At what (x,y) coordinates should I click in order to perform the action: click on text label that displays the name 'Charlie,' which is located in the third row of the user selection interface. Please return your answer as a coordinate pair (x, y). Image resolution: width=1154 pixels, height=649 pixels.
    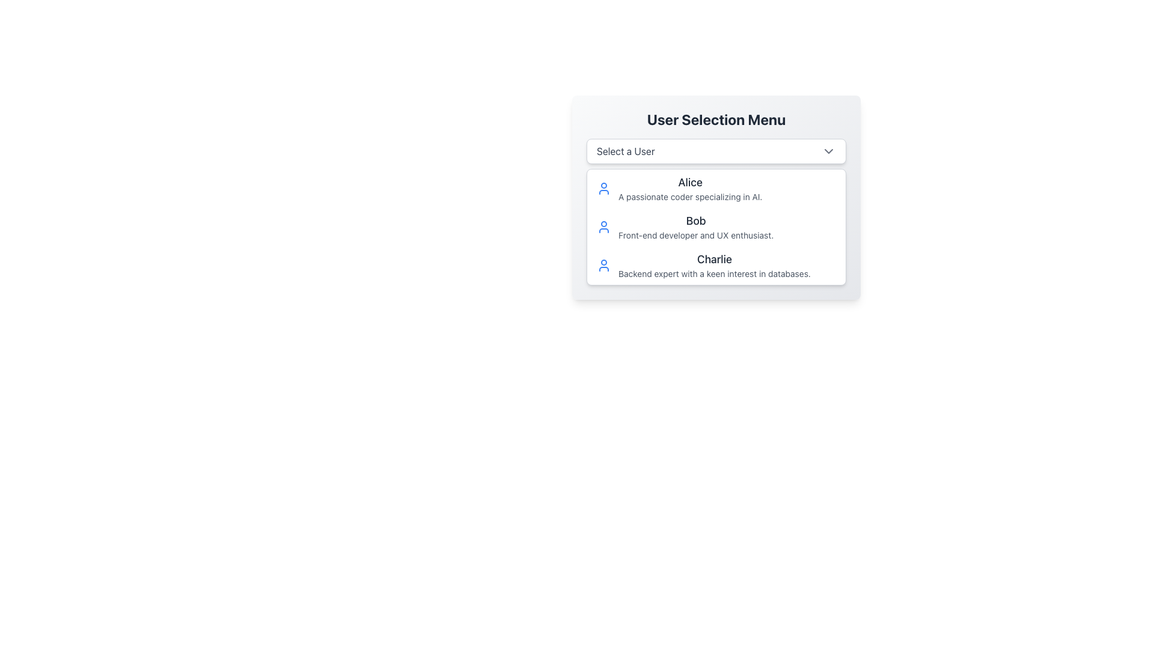
    Looking at the image, I should click on (714, 259).